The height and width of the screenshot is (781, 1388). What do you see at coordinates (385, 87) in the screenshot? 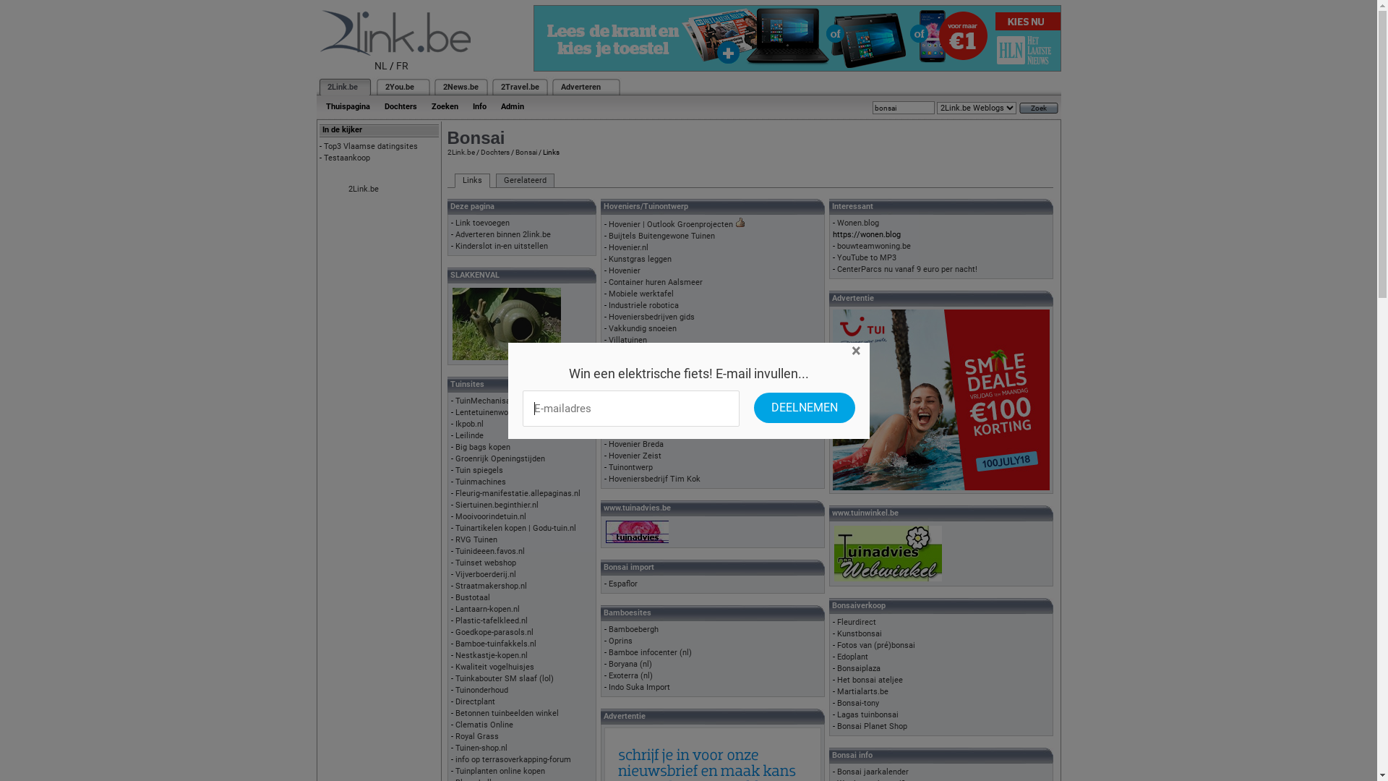
I see `'2You.be'` at bounding box center [385, 87].